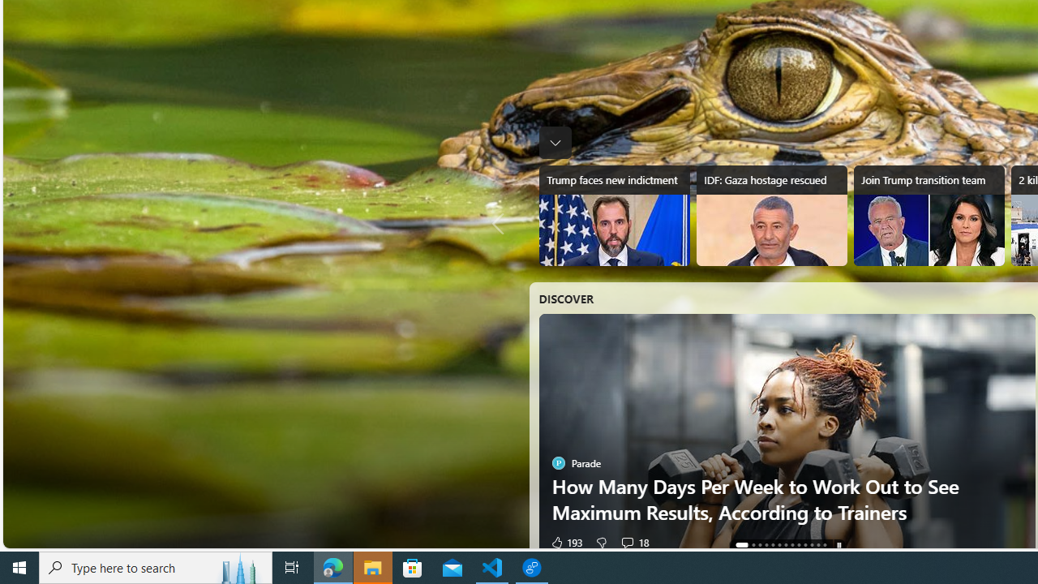  What do you see at coordinates (798, 545) in the screenshot?
I see `'AutomationID: tab-8'` at bounding box center [798, 545].